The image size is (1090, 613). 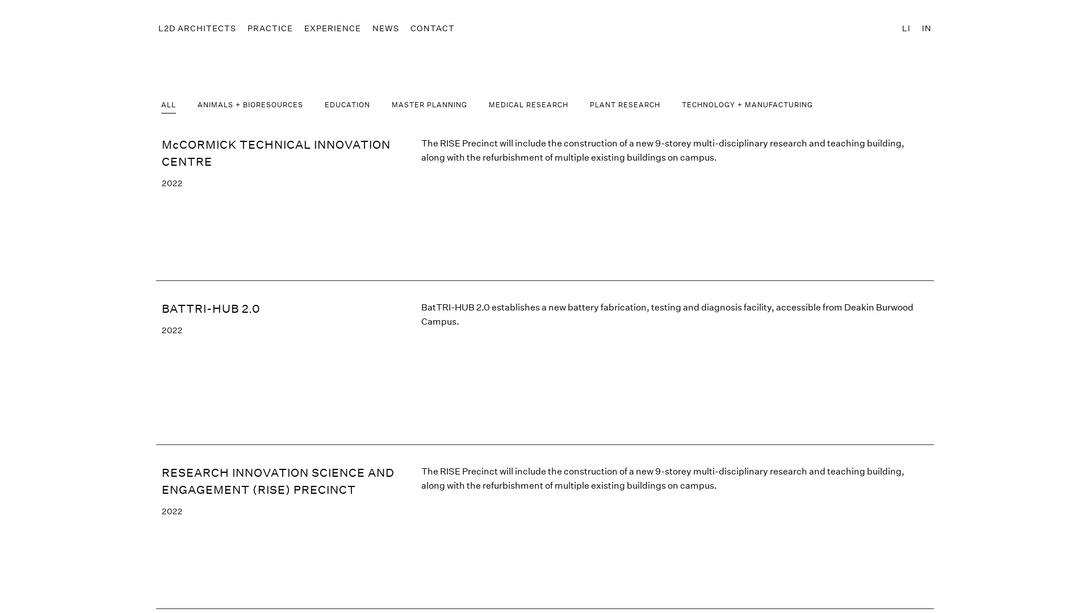 I want to click on 'L2D ARCHITECTS', so click(x=197, y=28).